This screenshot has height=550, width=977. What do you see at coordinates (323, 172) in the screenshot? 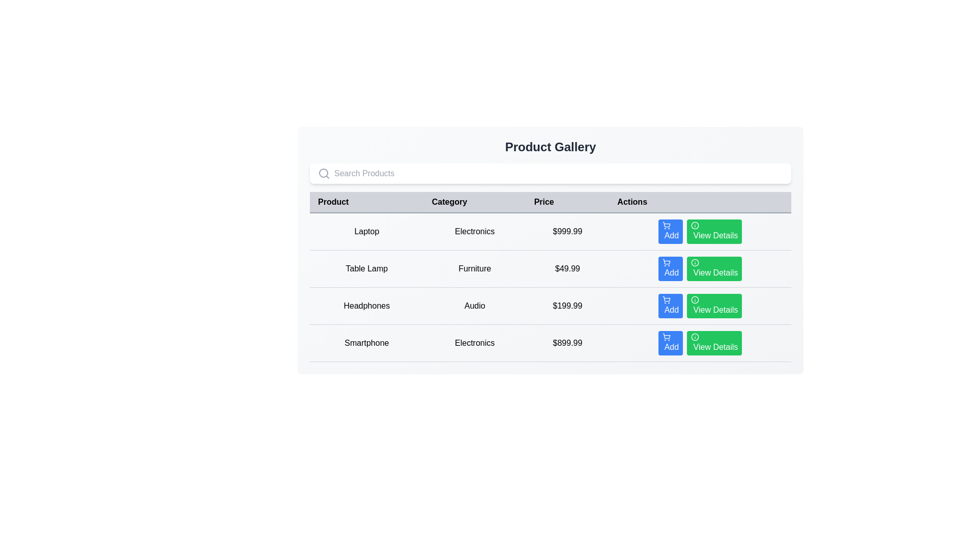
I see `the SVG Circle that serves as the left component of the search icon, which visually signifies a search function` at bounding box center [323, 172].